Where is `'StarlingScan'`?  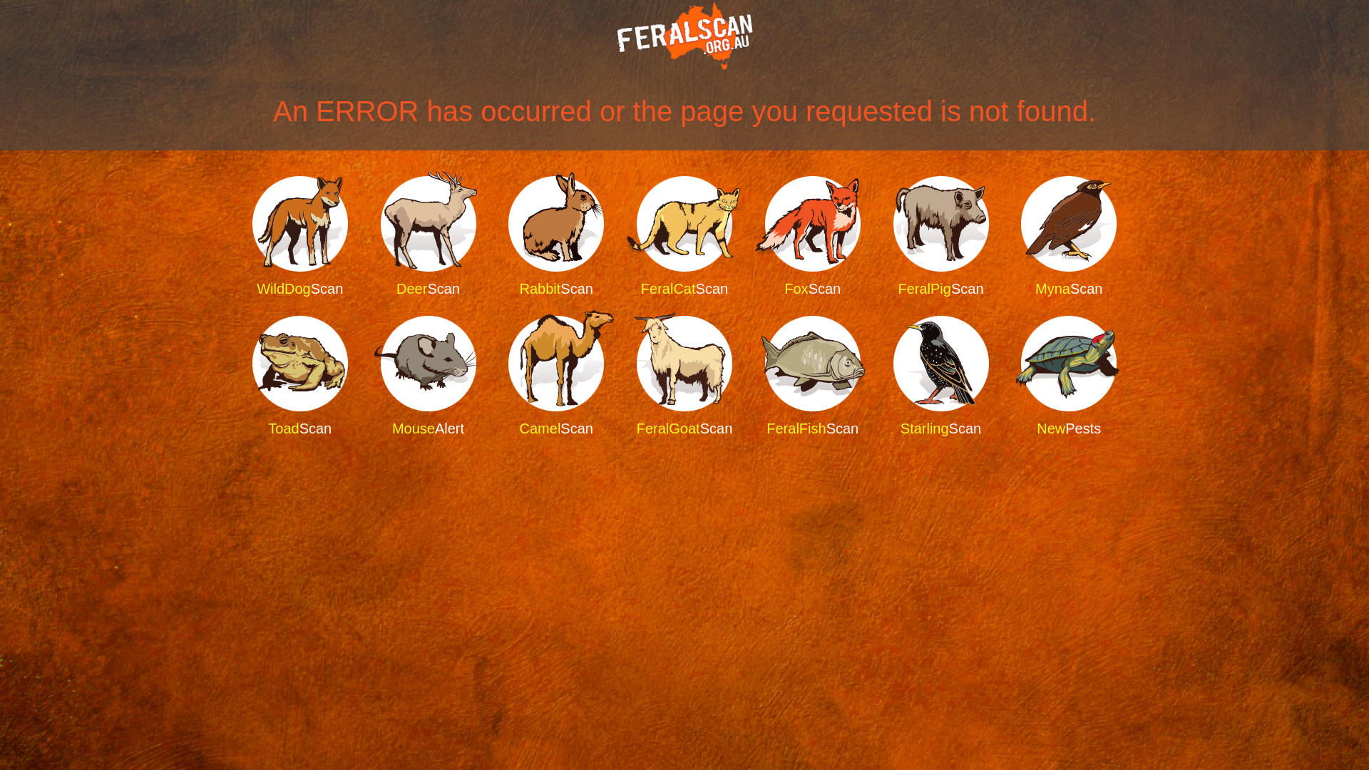
'StarlingScan' is located at coordinates (876, 376).